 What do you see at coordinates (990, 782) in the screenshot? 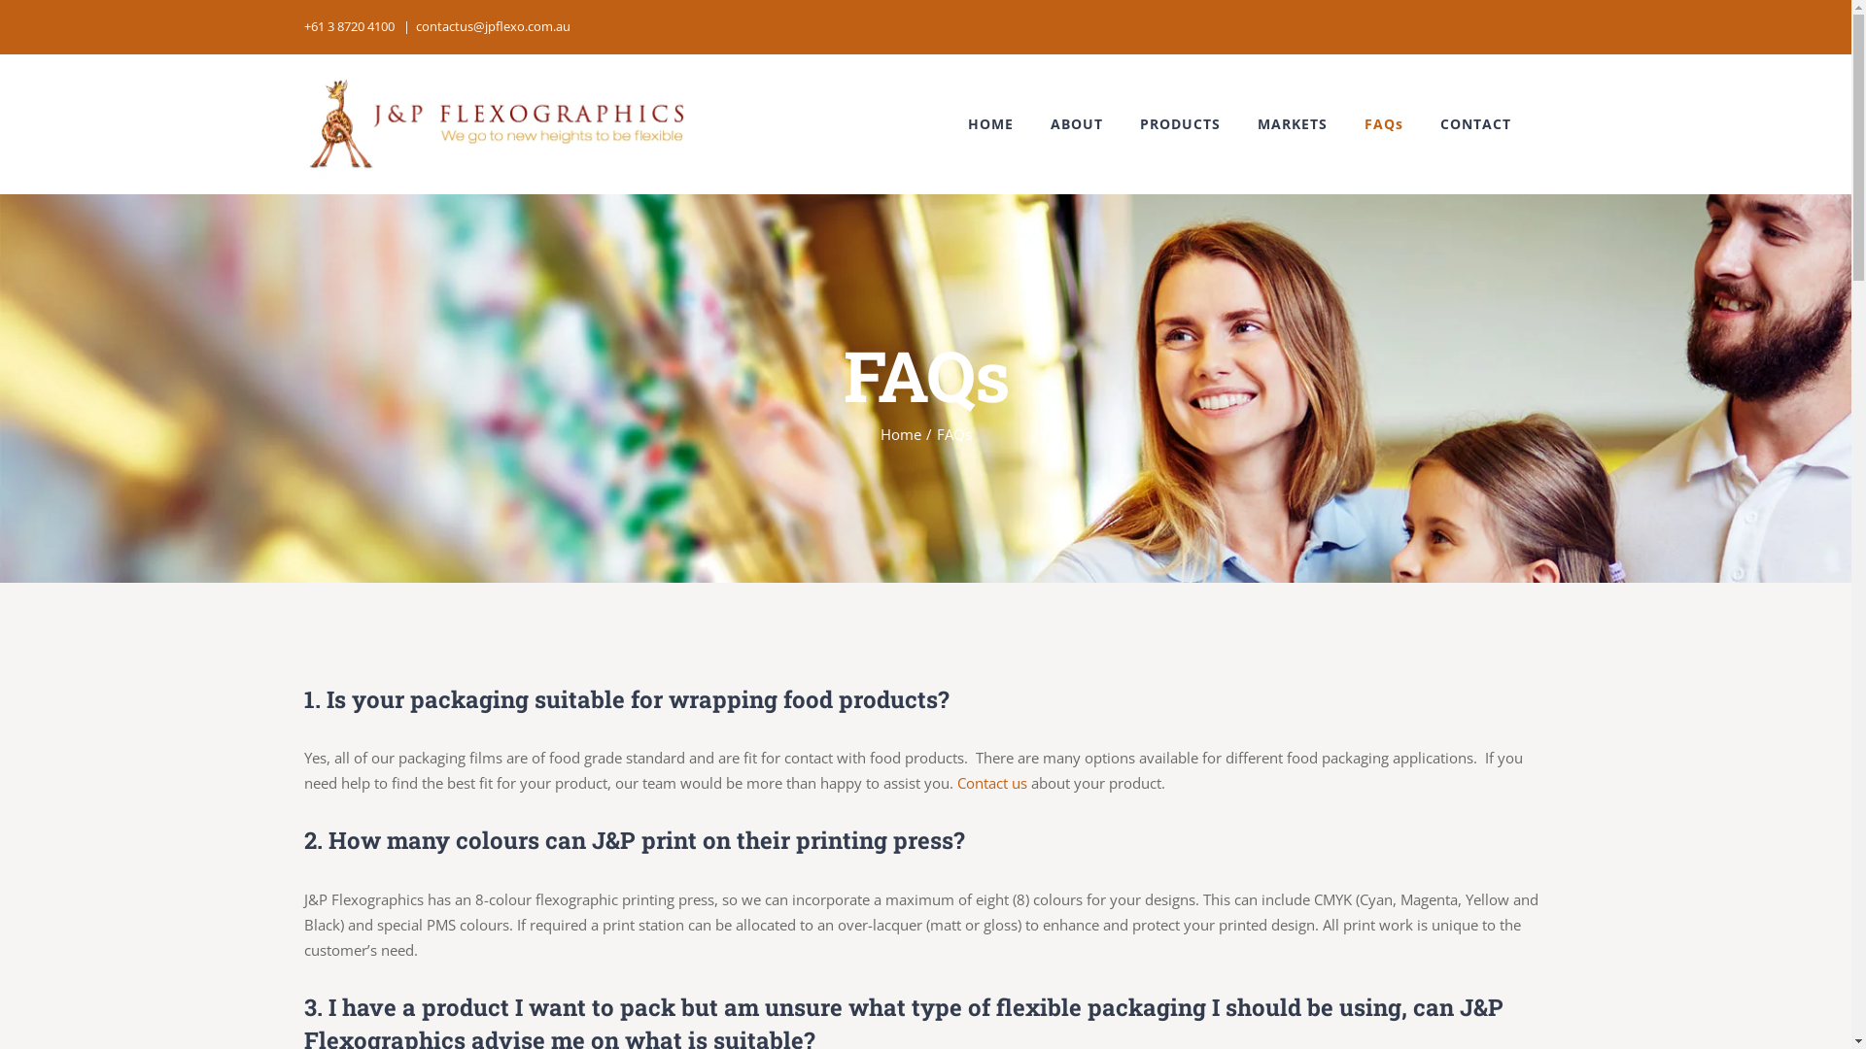
I see `'Contact us'` at bounding box center [990, 782].